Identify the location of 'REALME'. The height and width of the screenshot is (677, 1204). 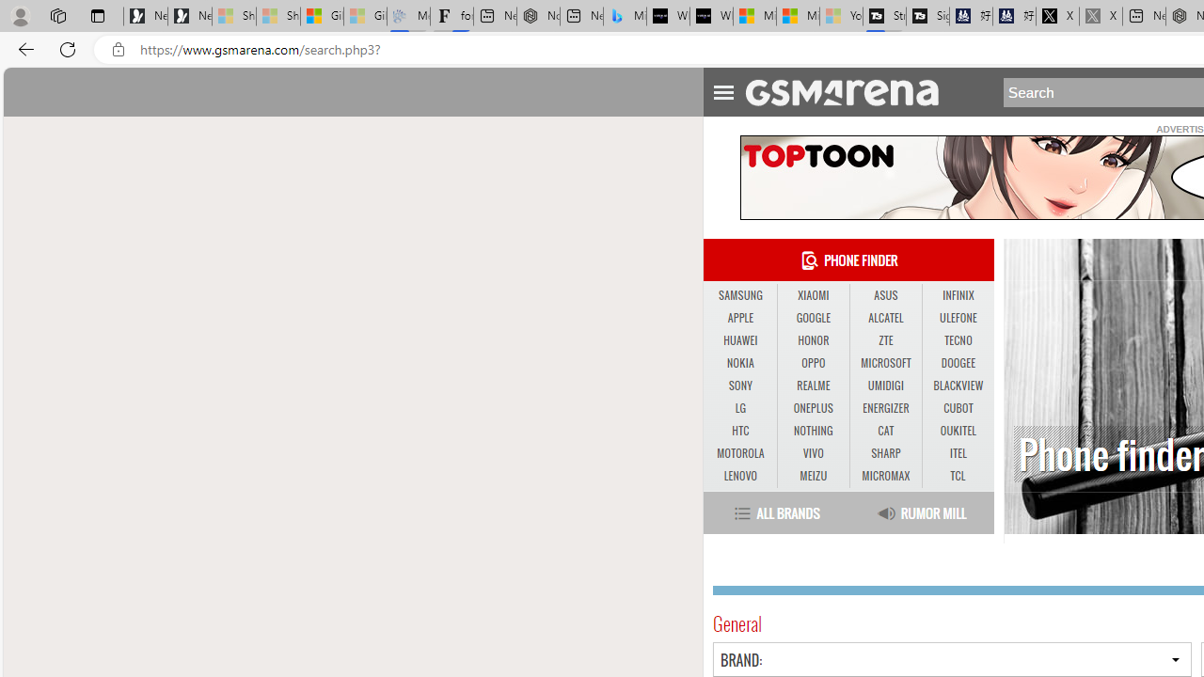
(813, 386).